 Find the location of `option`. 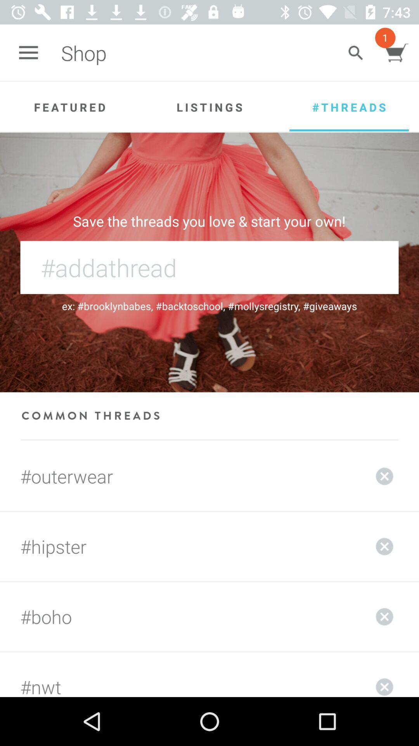

option is located at coordinates (384, 674).